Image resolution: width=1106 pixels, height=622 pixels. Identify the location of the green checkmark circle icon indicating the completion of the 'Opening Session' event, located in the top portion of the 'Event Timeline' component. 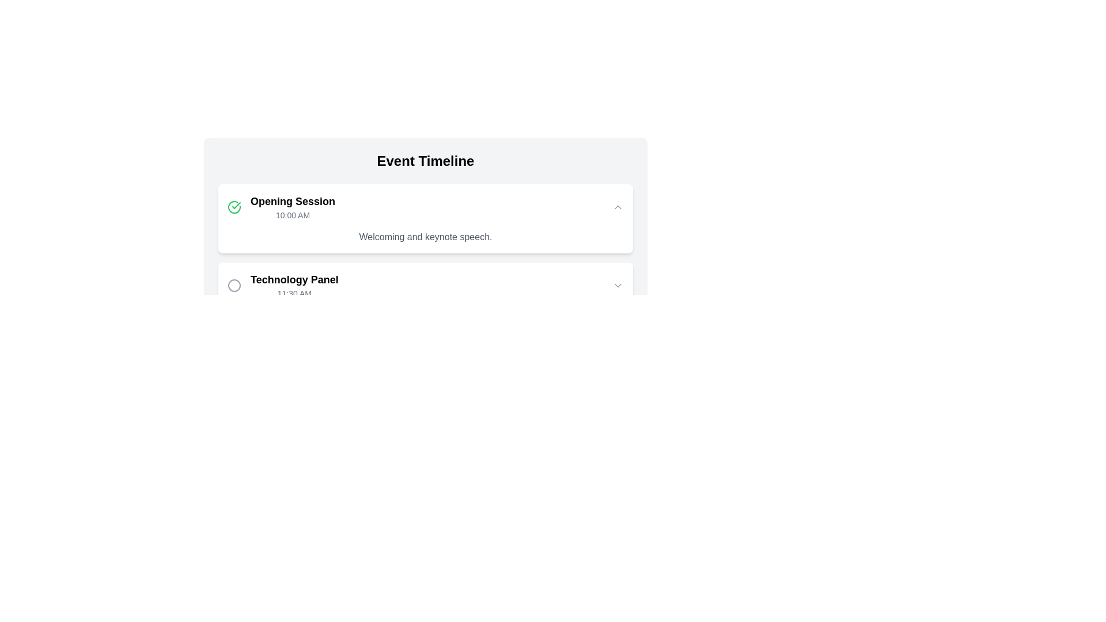
(234, 206).